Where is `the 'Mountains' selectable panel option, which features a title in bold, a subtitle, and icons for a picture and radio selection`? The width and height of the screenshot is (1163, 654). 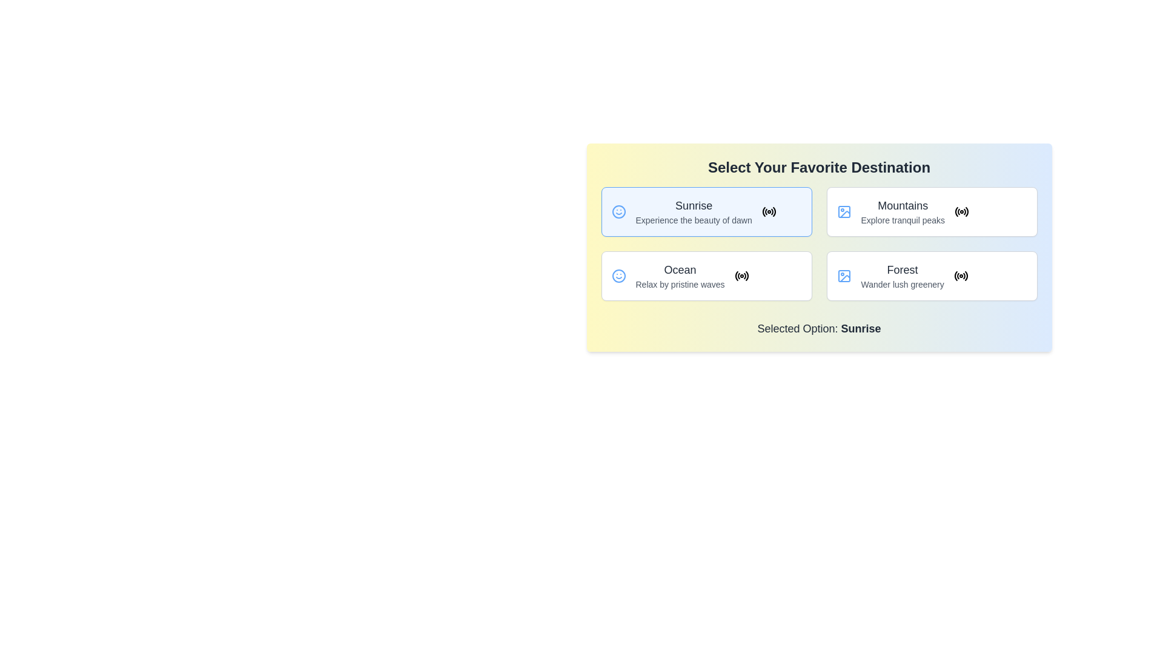 the 'Mountains' selectable panel option, which features a title in bold, a subtitle, and icons for a picture and radio selection is located at coordinates (931, 211).